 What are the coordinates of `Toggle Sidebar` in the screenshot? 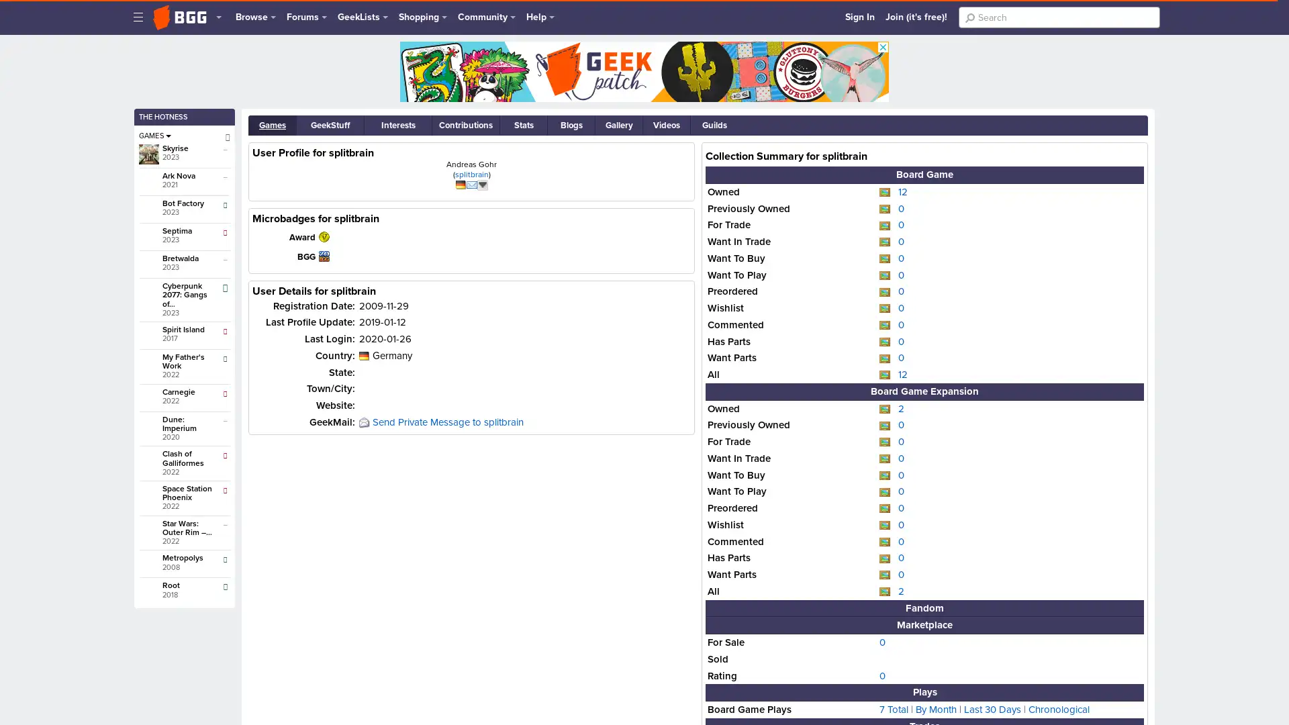 It's located at (138, 17).